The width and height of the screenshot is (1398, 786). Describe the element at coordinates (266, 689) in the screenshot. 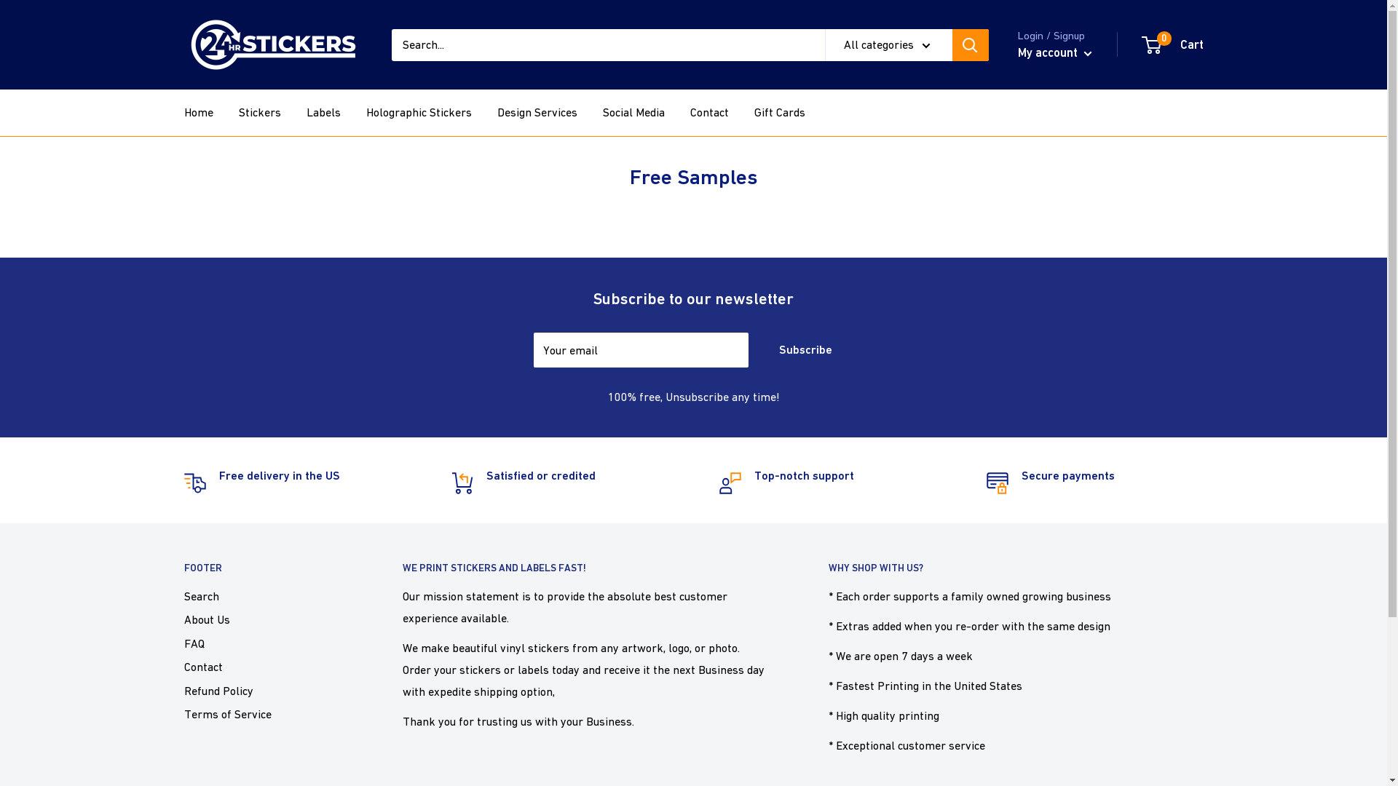

I see `'Refund Policy'` at that location.